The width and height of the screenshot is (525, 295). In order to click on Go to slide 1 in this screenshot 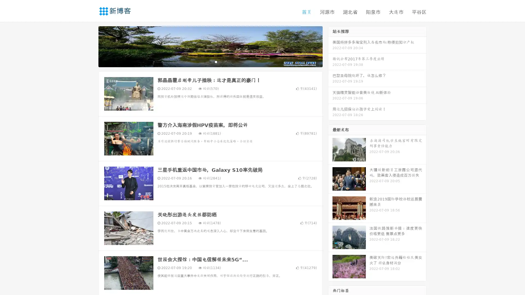, I will do `click(205, 61)`.